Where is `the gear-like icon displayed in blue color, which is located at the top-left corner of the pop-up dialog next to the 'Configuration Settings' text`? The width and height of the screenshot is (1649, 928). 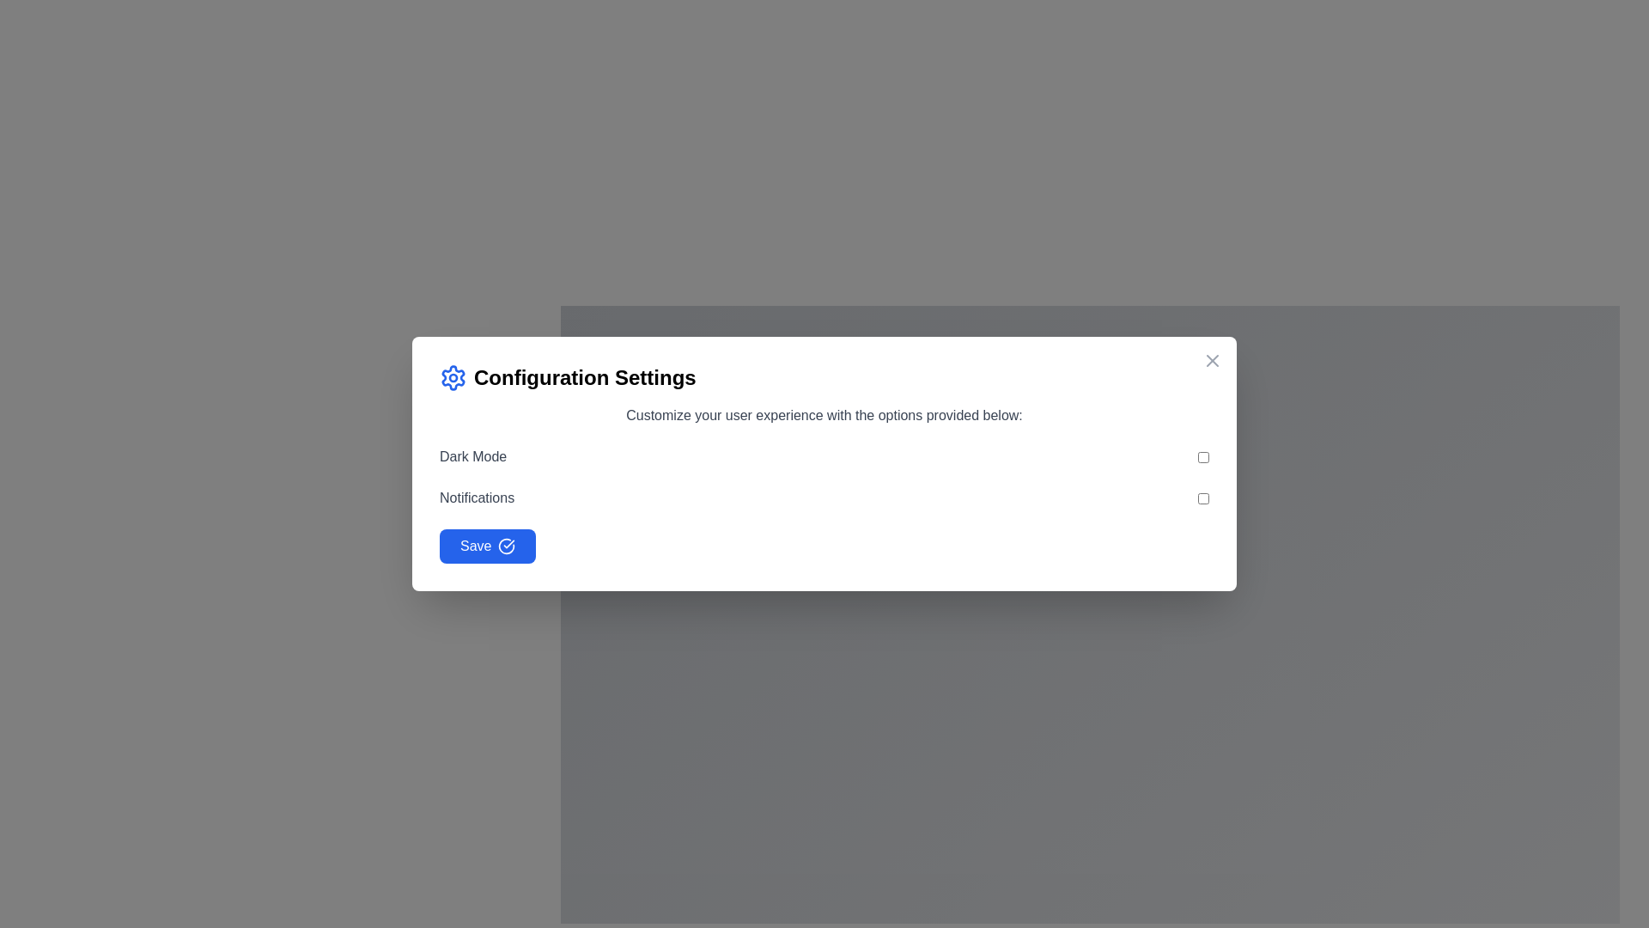
the gear-like icon displayed in blue color, which is located at the top-left corner of the pop-up dialog next to the 'Configuration Settings' text is located at coordinates (453, 376).